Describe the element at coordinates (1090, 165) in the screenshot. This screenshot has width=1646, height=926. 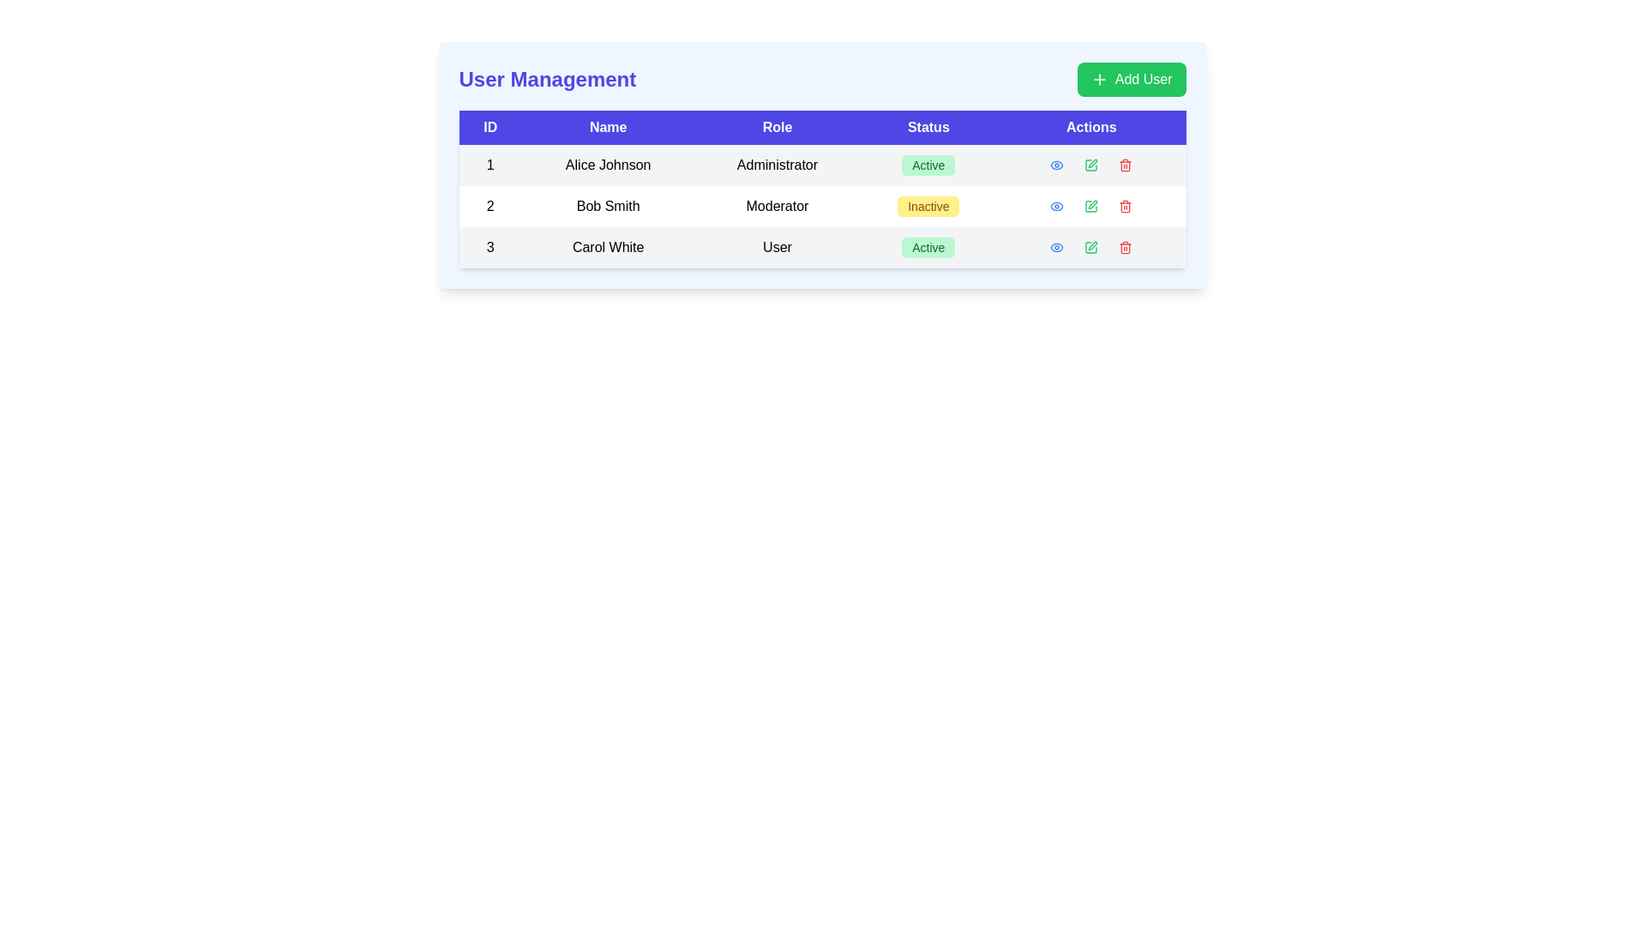
I see `the green pencil icon in the 'Actions' column` at that location.